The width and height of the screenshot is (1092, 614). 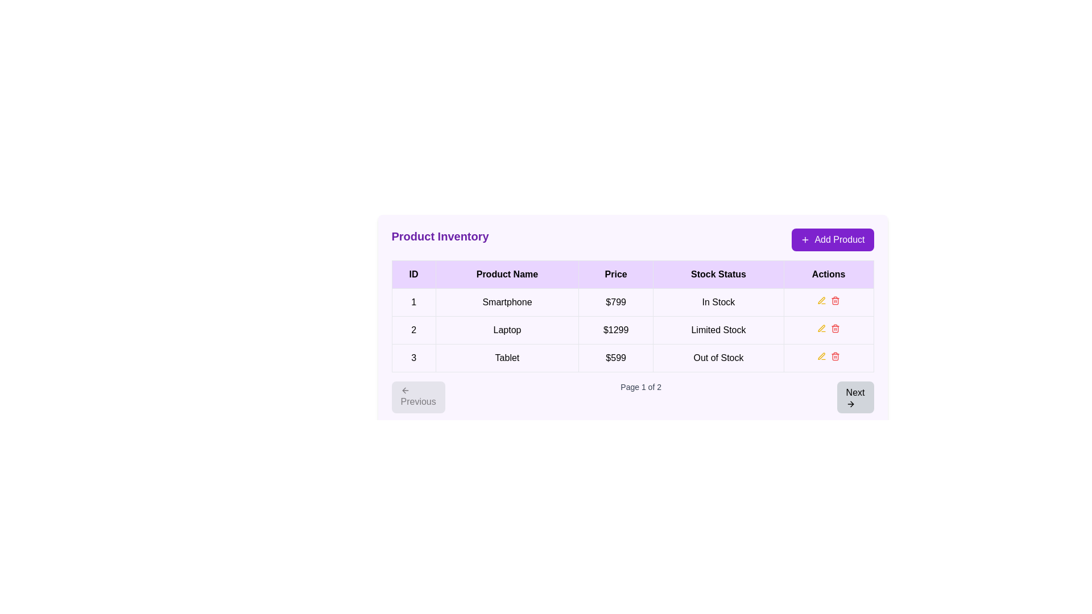 What do you see at coordinates (718, 274) in the screenshot?
I see `the 'Stock Status' table header label, which is the fourth header in the sequence and is displayed in bold, black font against a light lavender background` at bounding box center [718, 274].